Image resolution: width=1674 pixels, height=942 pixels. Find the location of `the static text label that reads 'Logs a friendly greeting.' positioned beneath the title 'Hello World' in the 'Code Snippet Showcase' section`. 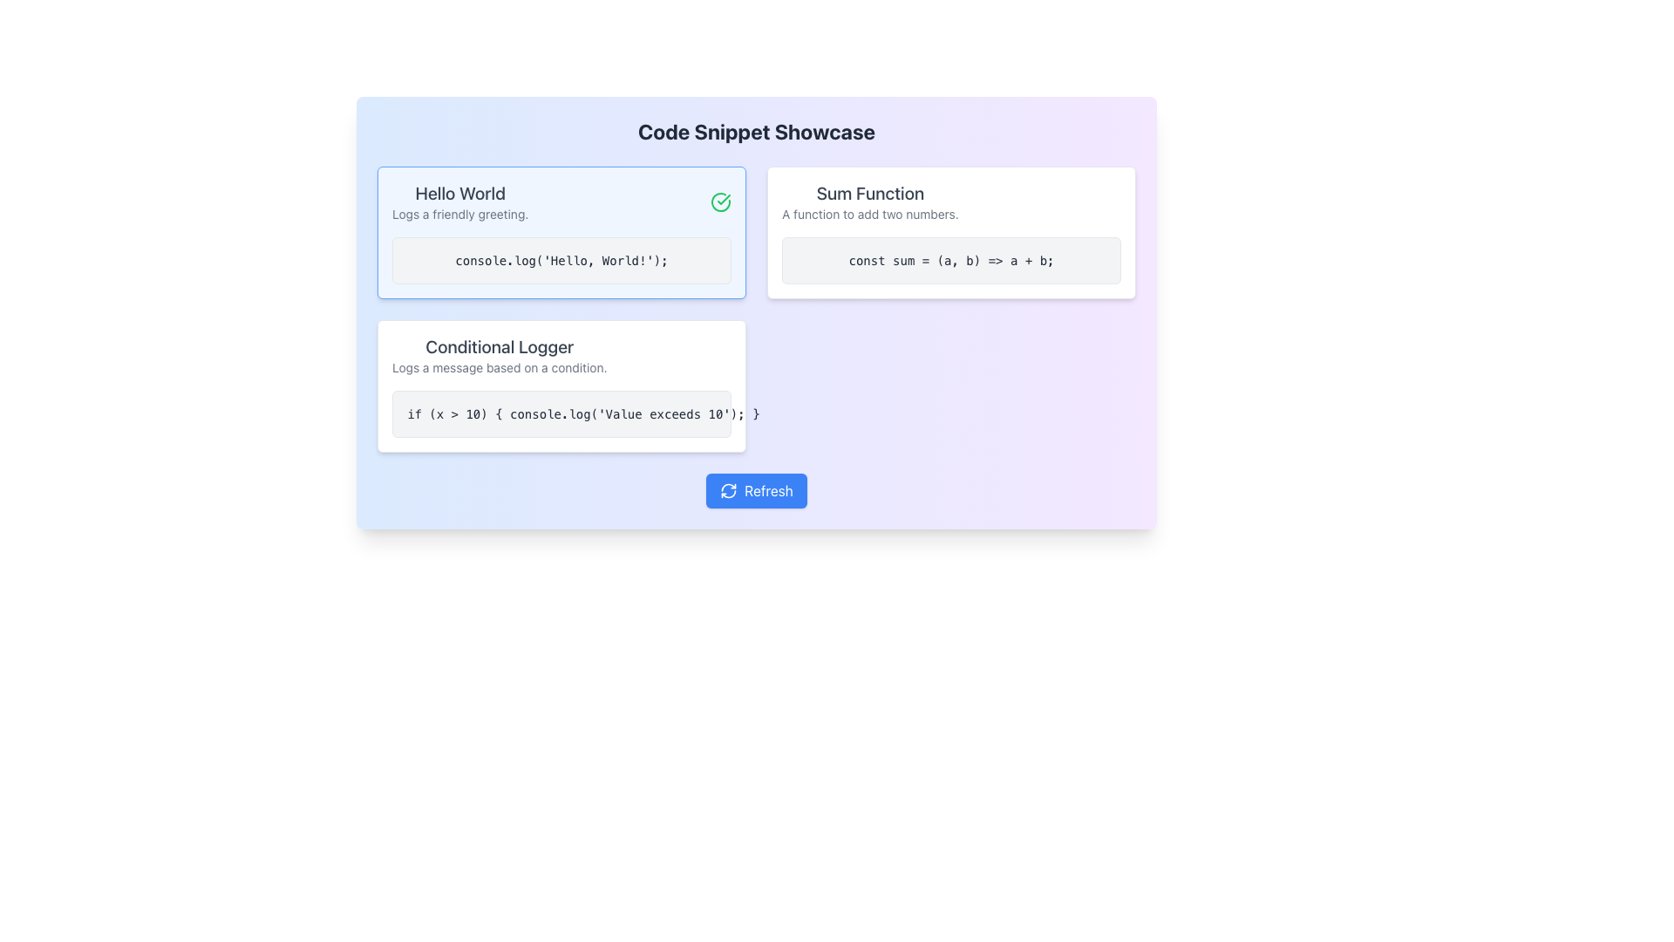

the static text label that reads 'Logs a friendly greeting.' positioned beneath the title 'Hello World' in the 'Code Snippet Showcase' section is located at coordinates (460, 214).